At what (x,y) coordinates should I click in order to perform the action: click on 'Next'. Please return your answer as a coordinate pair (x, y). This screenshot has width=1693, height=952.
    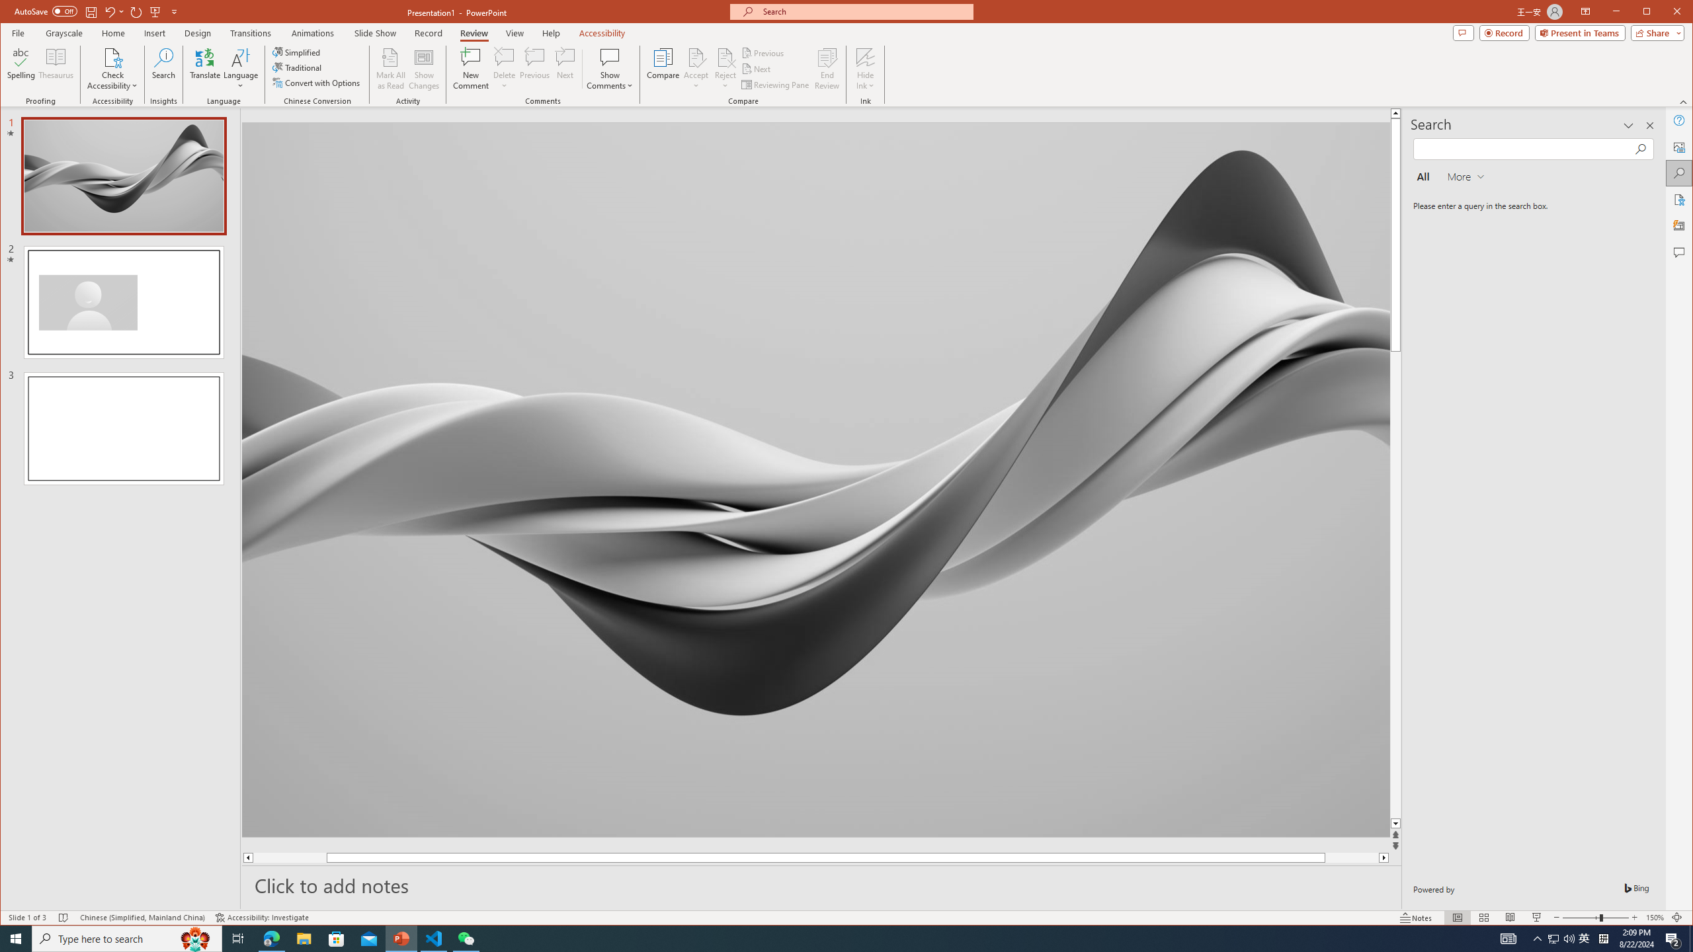
    Looking at the image, I should click on (757, 69).